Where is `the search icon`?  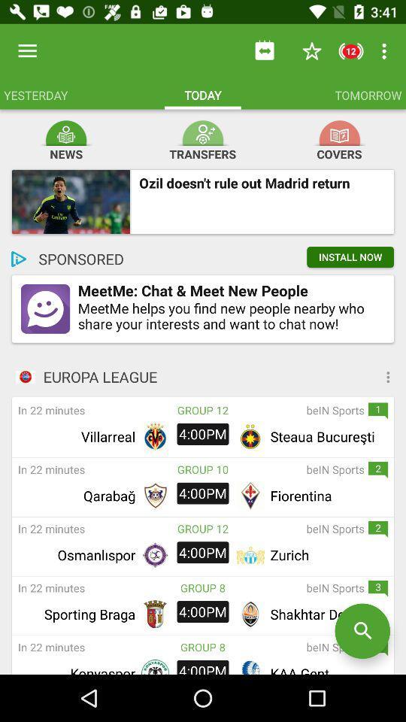 the search icon is located at coordinates (362, 631).